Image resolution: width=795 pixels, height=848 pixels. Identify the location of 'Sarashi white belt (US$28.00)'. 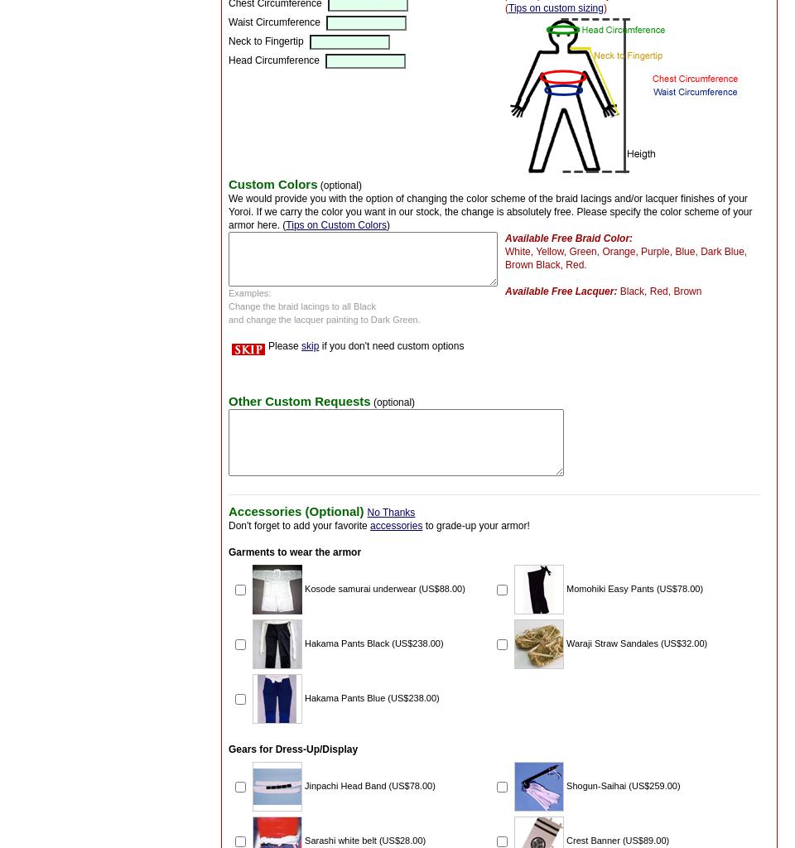
(365, 838).